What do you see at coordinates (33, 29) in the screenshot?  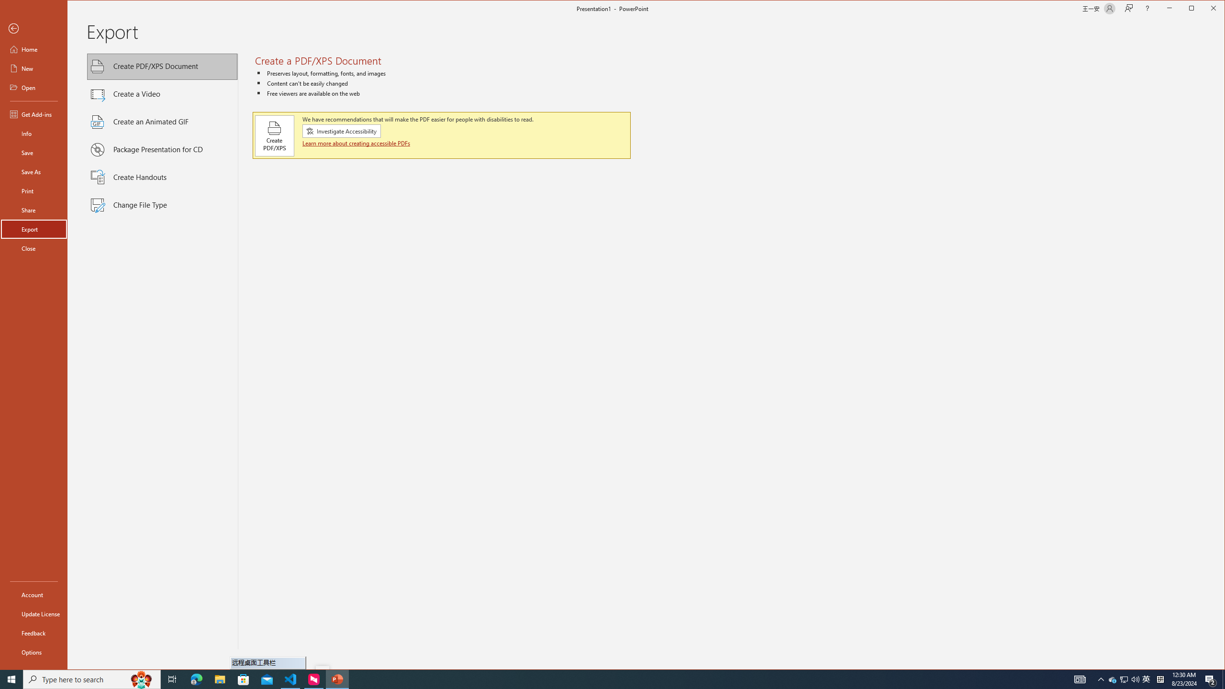 I see `'Back'` at bounding box center [33, 29].